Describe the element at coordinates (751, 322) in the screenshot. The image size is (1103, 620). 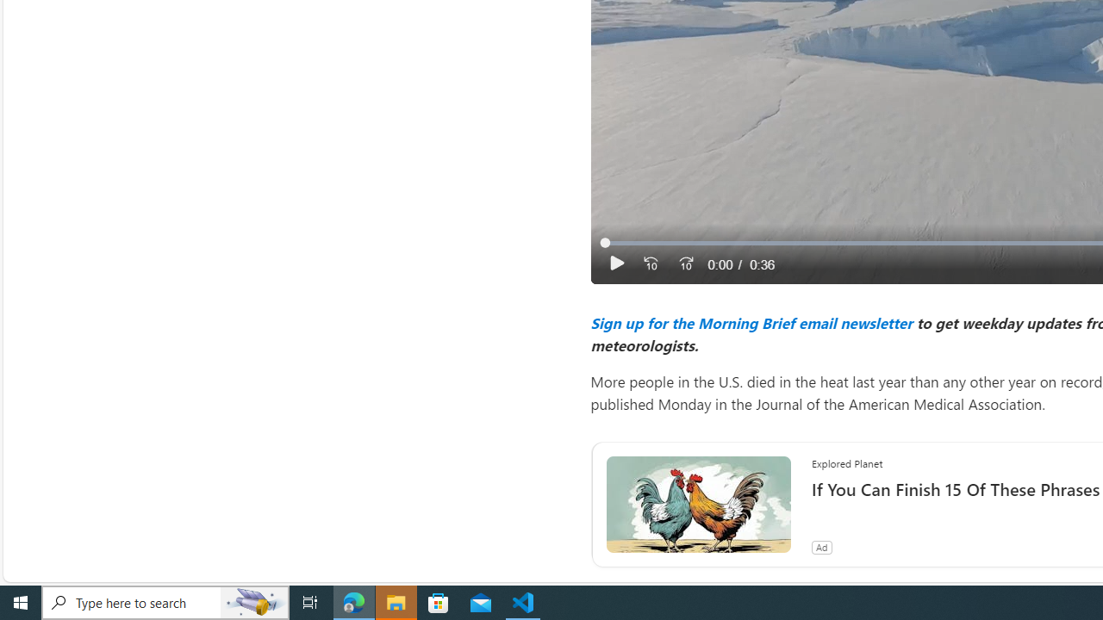
I see `'Sign up for the Morning Brief email newsletter'` at that location.